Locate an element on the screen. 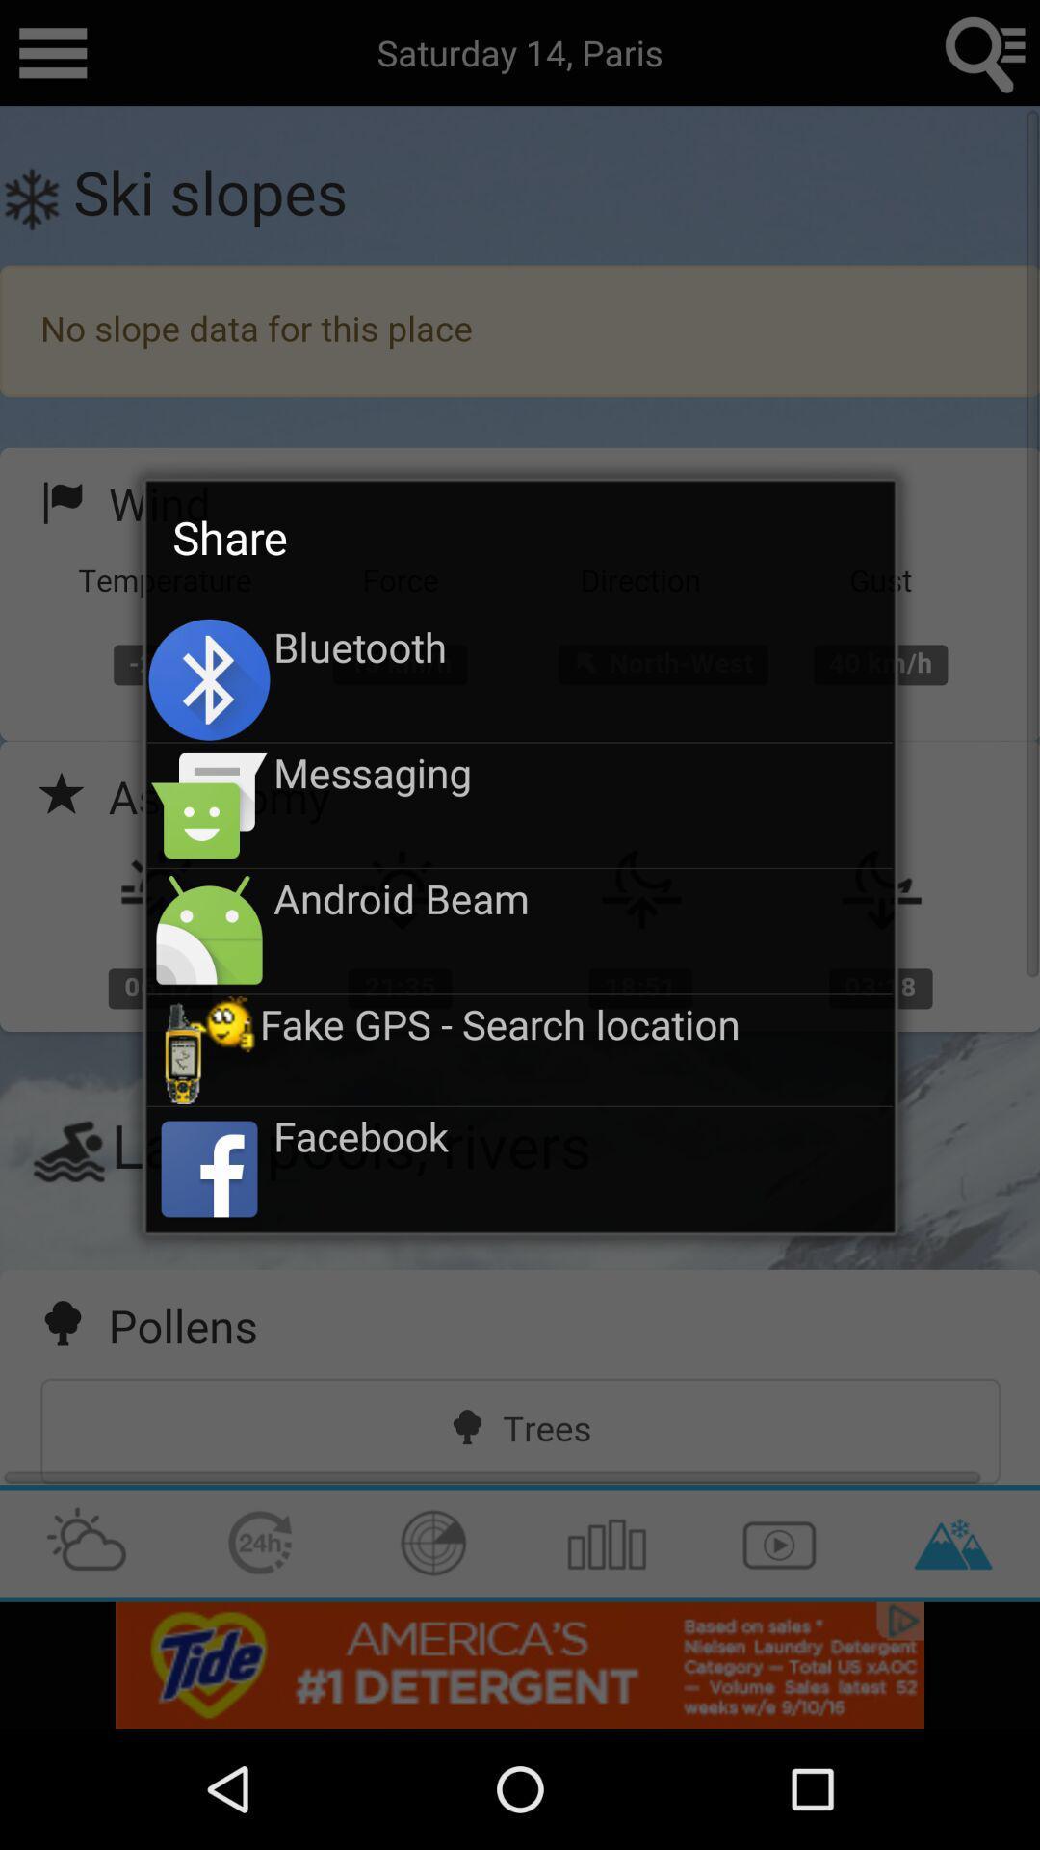 Image resolution: width=1040 pixels, height=1850 pixels. messaging is located at coordinates (582, 772).